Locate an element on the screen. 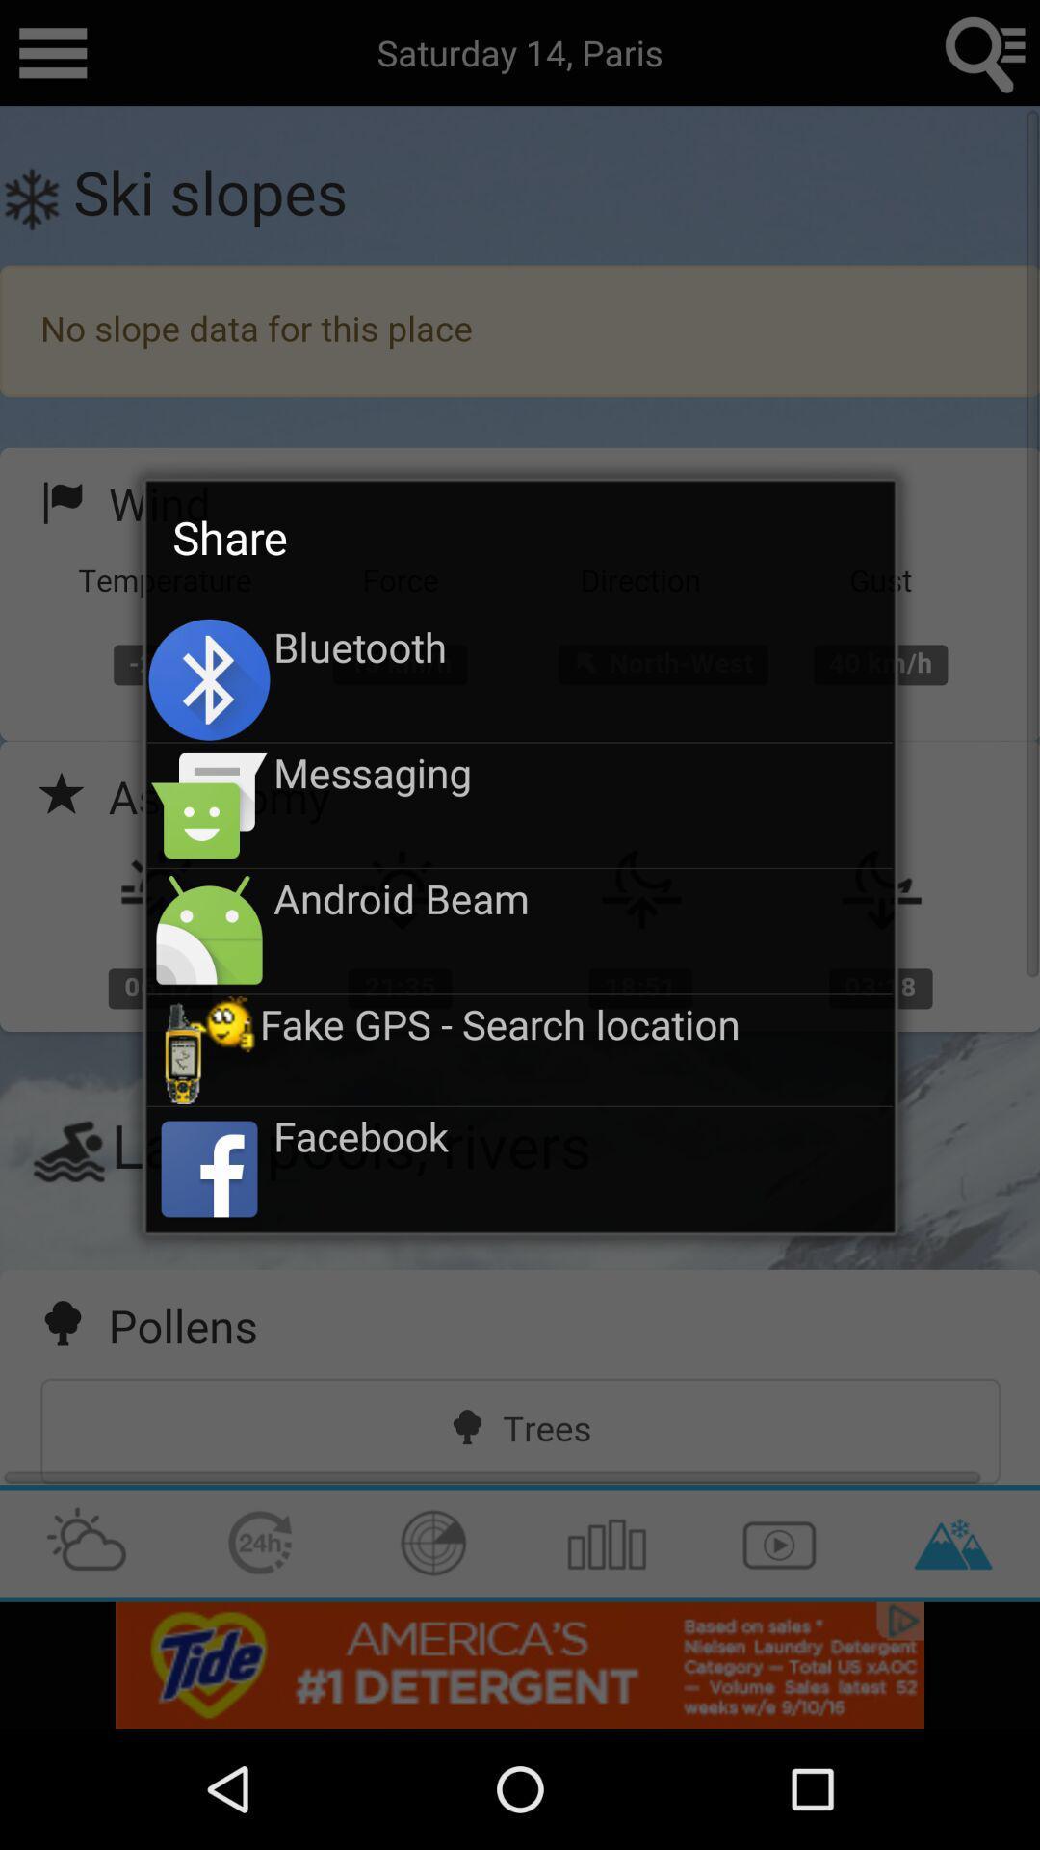 Image resolution: width=1040 pixels, height=1850 pixels. messaging is located at coordinates (582, 772).